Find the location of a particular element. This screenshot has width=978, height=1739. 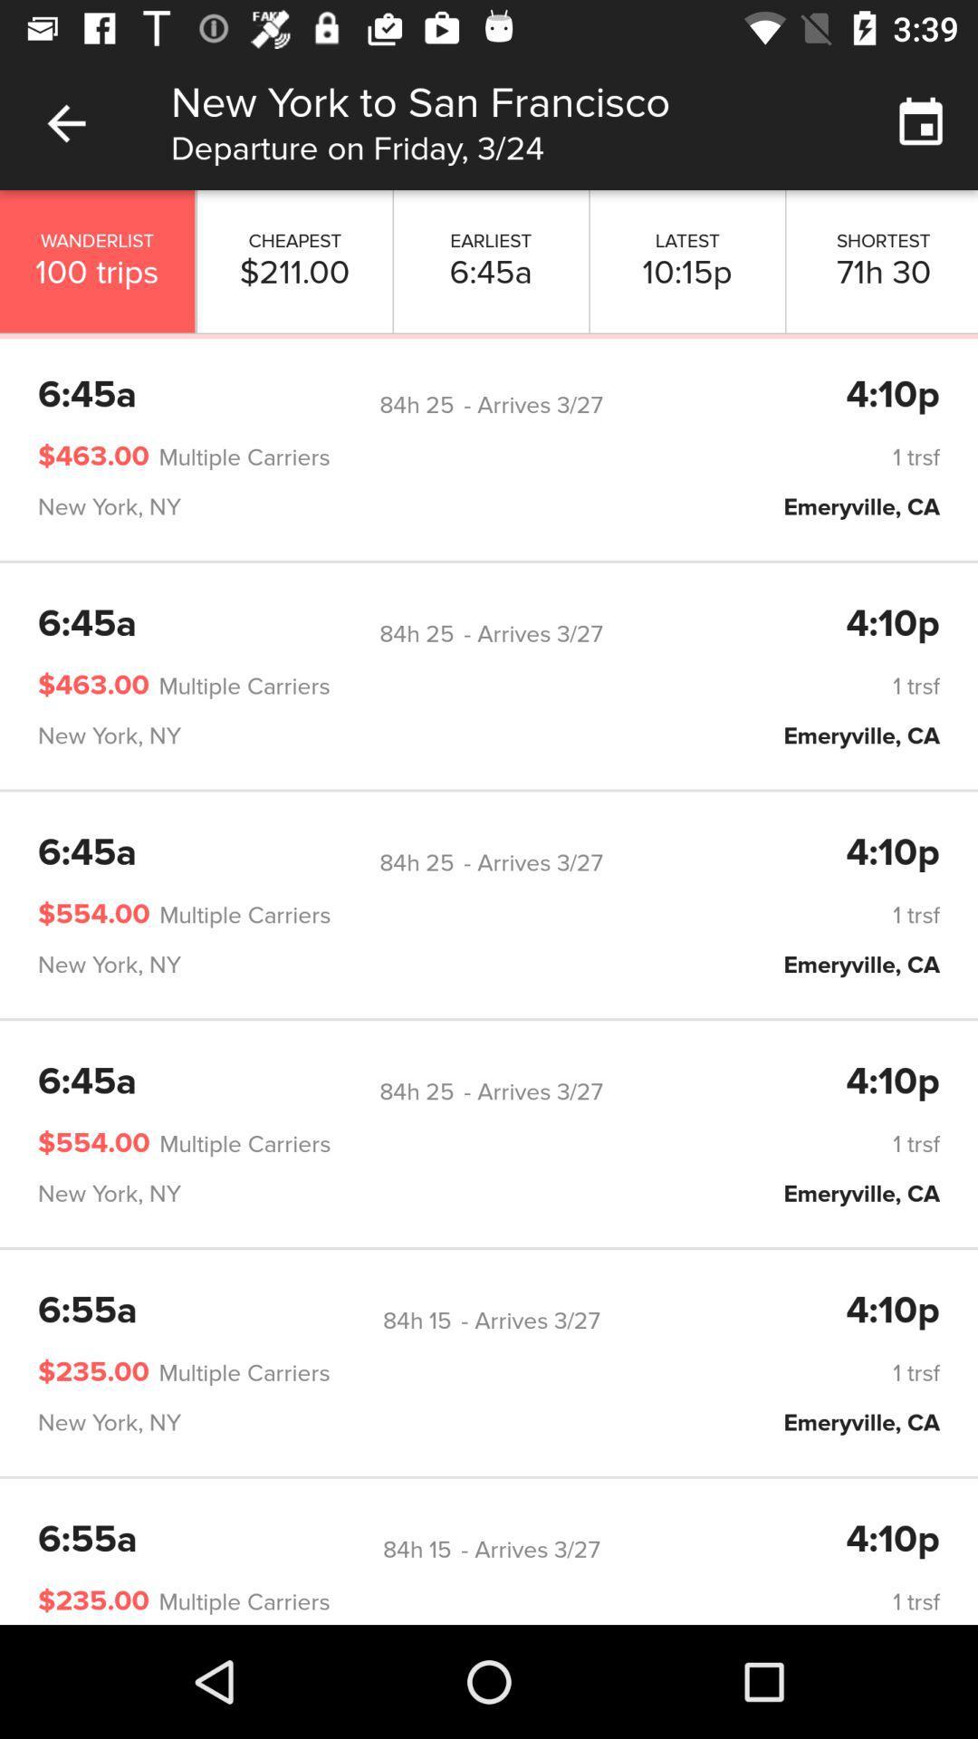

the icon next to the new york to is located at coordinates (65, 122).